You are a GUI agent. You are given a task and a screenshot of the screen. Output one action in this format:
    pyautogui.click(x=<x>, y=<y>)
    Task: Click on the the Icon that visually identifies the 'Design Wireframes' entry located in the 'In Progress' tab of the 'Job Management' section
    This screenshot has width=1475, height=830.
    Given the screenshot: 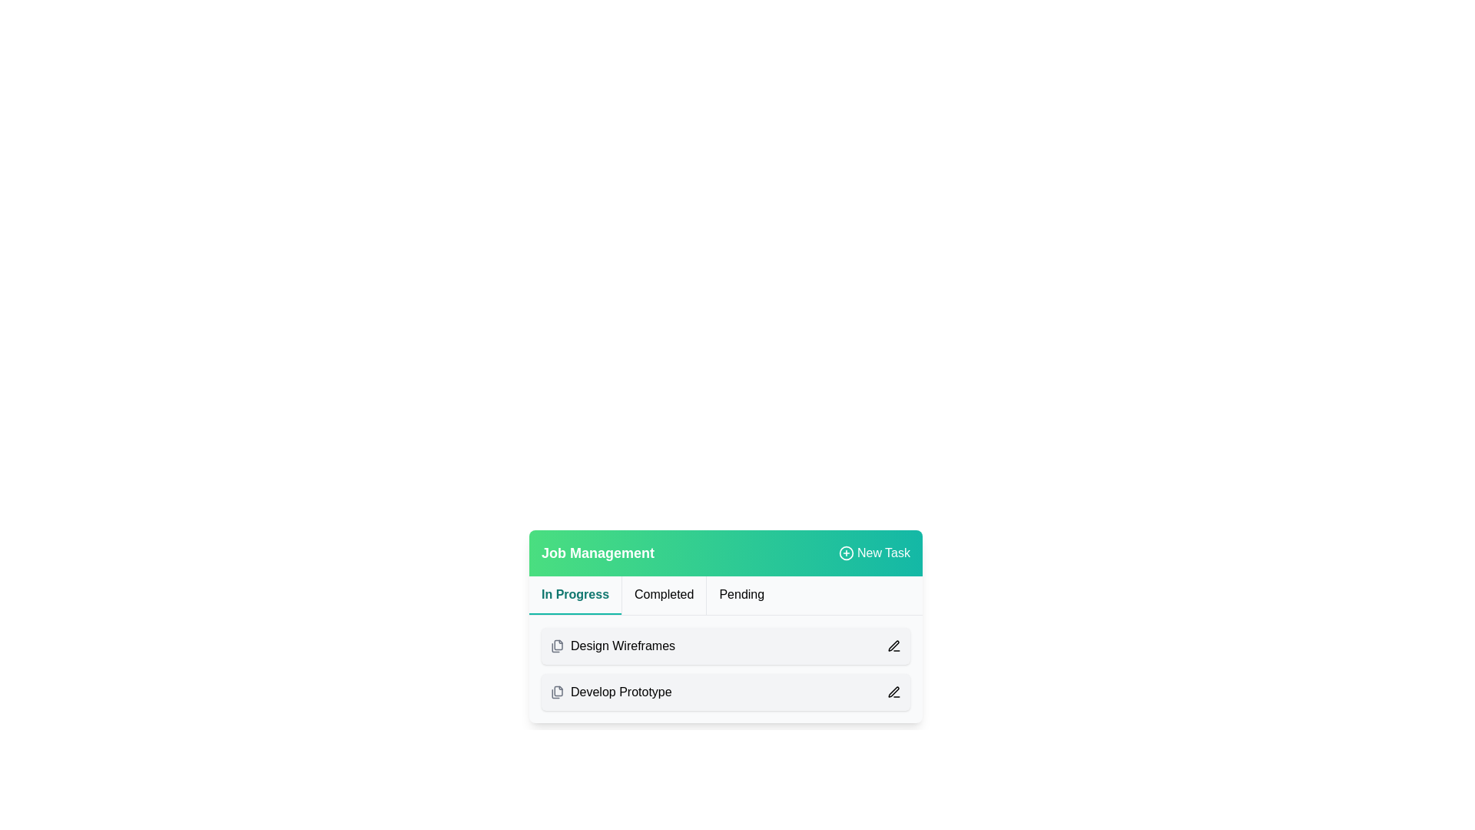 What is the action you would take?
    pyautogui.click(x=556, y=646)
    